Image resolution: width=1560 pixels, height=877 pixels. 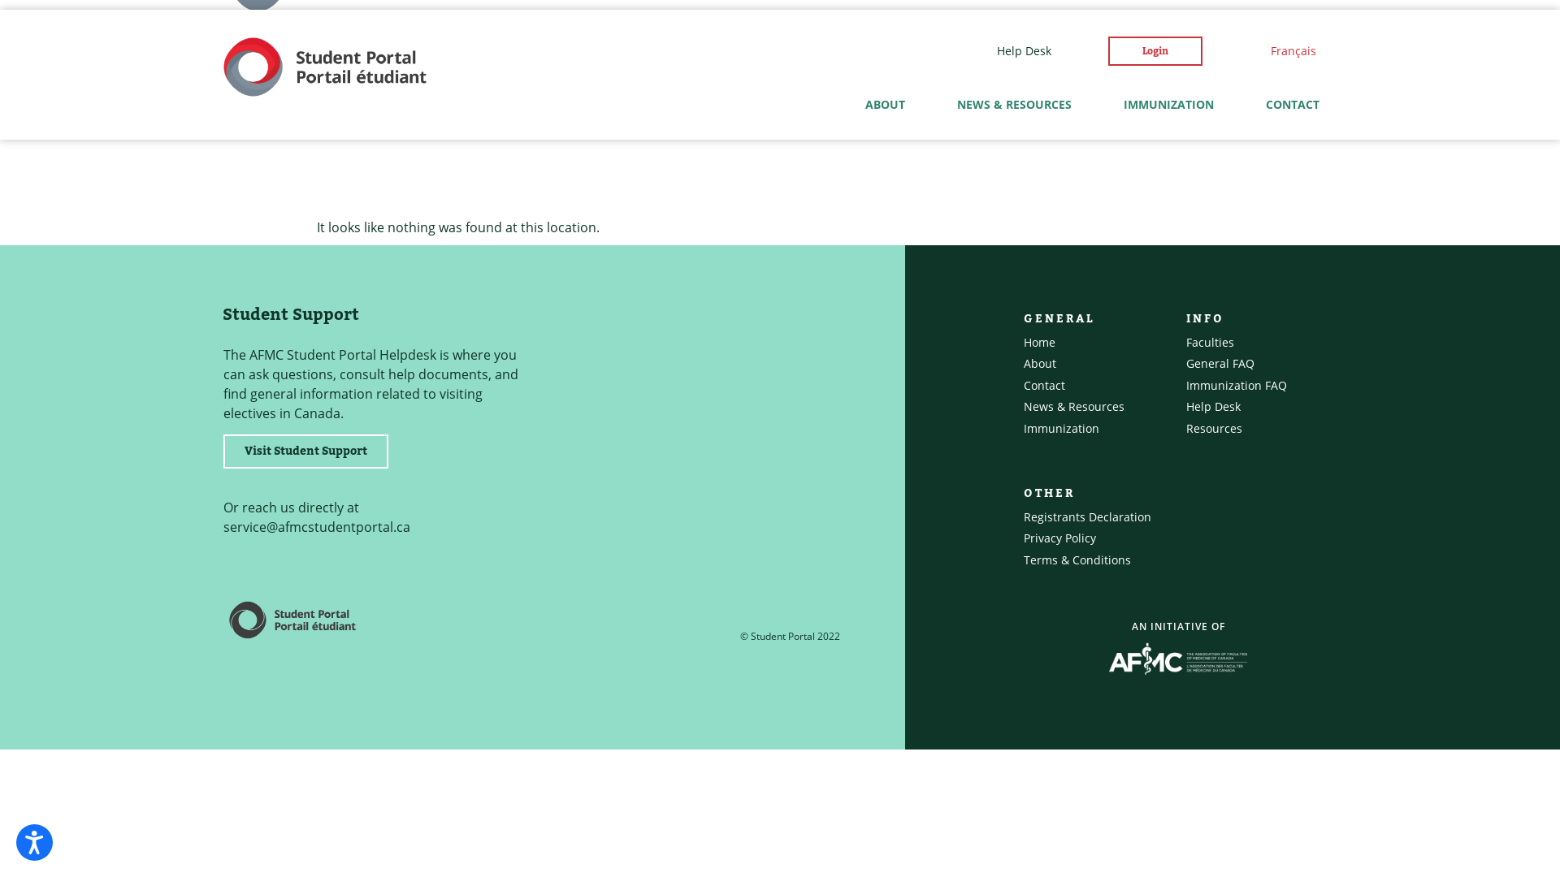 What do you see at coordinates (1022, 538) in the screenshot?
I see `'Privacy Policy'` at bounding box center [1022, 538].